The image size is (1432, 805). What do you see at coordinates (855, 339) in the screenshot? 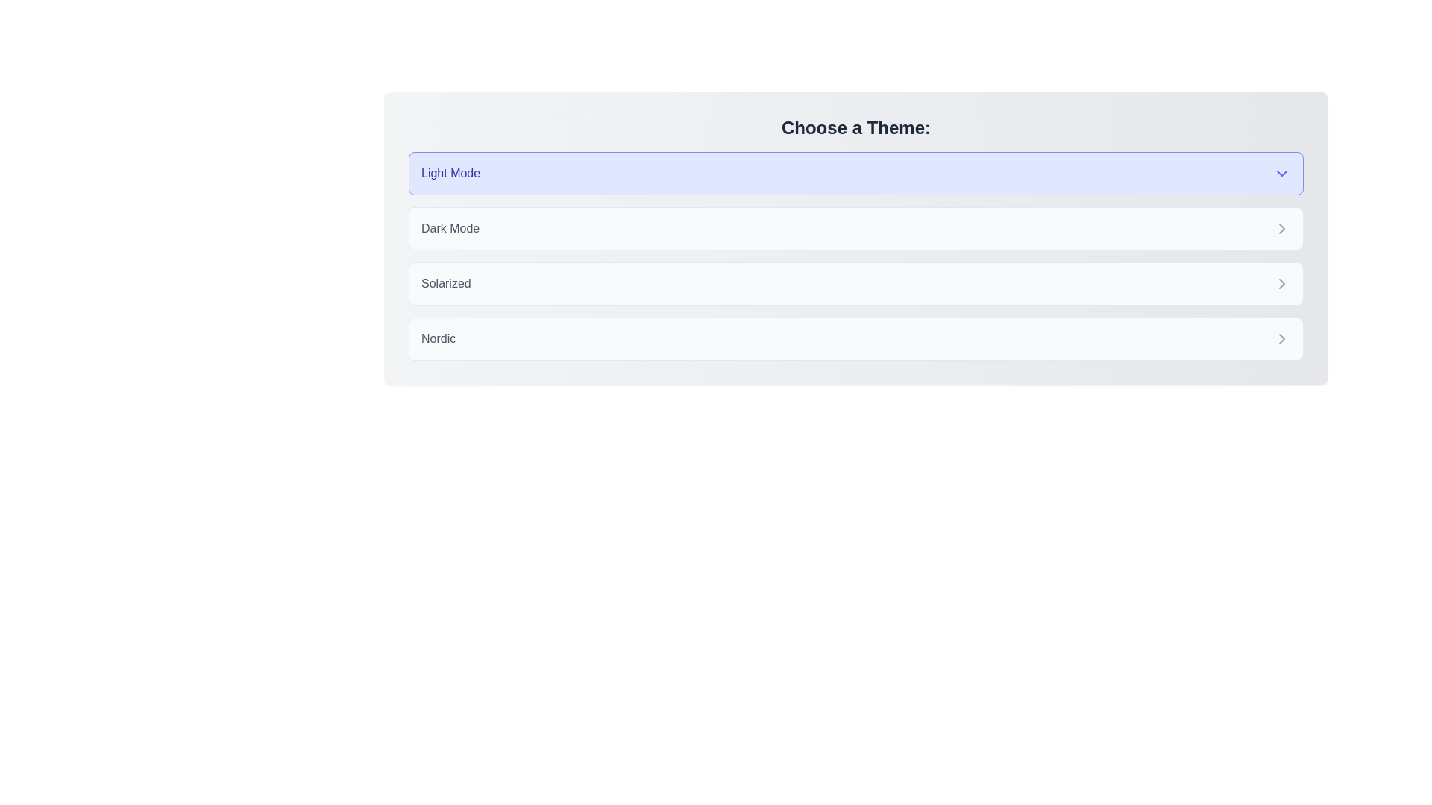
I see `the theme chip labeled Nordic to observe its hover effect` at bounding box center [855, 339].